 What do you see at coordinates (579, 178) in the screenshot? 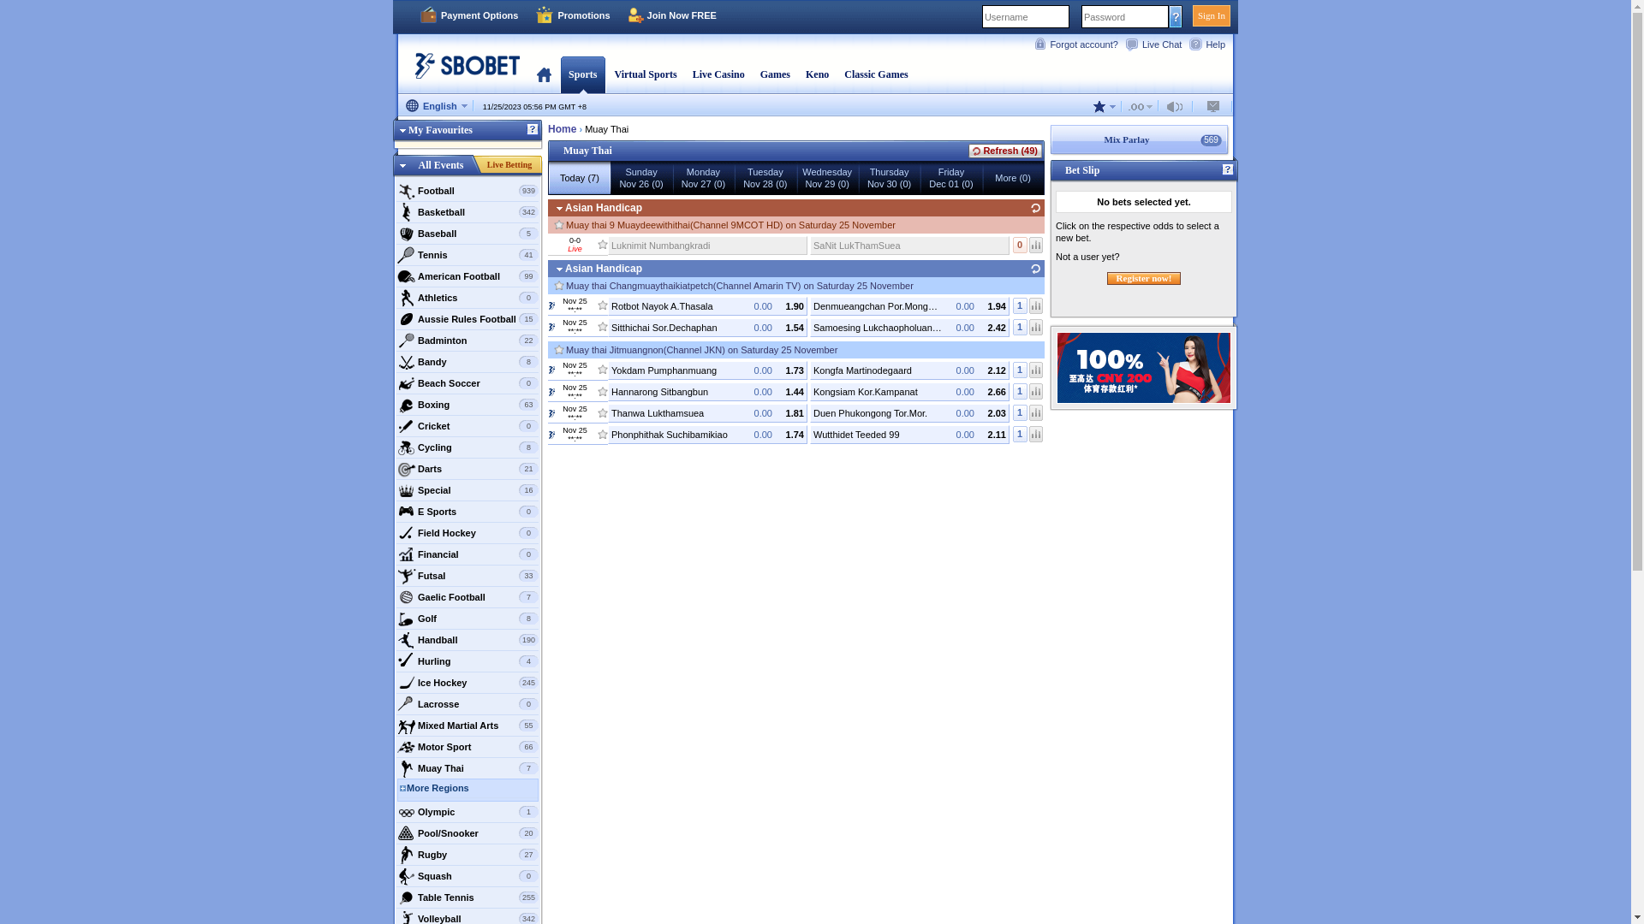
I see `'Today (7)'` at bounding box center [579, 178].